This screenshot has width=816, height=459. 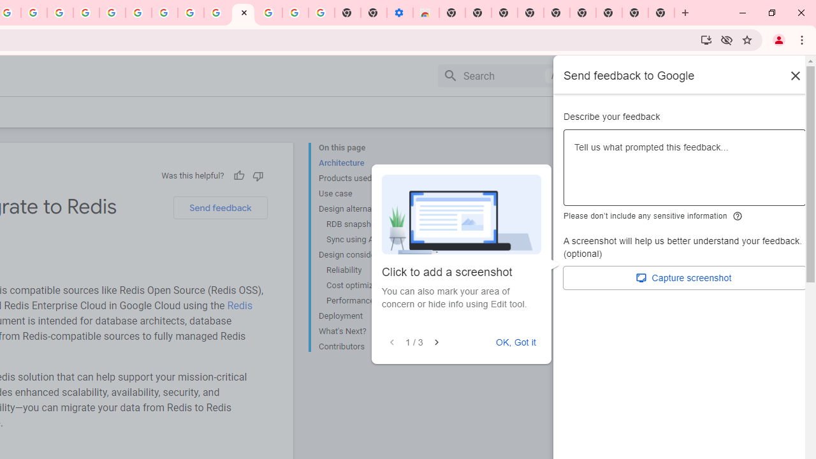 I want to click on 'Install Google Cloud', so click(x=705, y=39).